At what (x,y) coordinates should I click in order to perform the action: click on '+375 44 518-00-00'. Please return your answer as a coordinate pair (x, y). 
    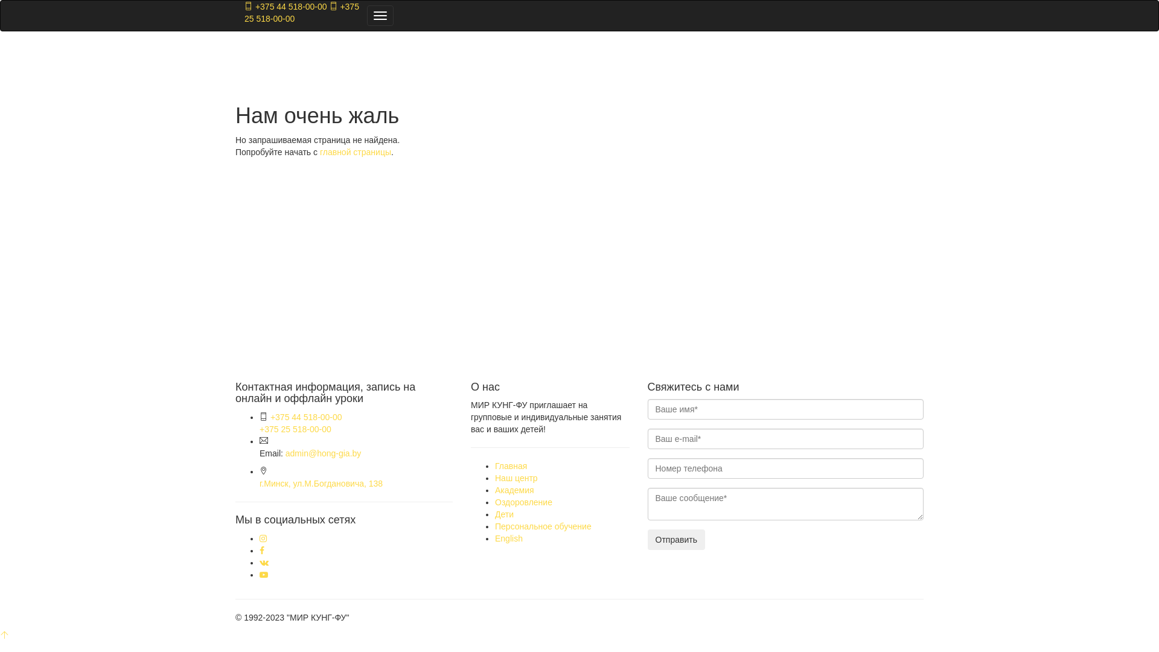
    Looking at the image, I should click on (306, 416).